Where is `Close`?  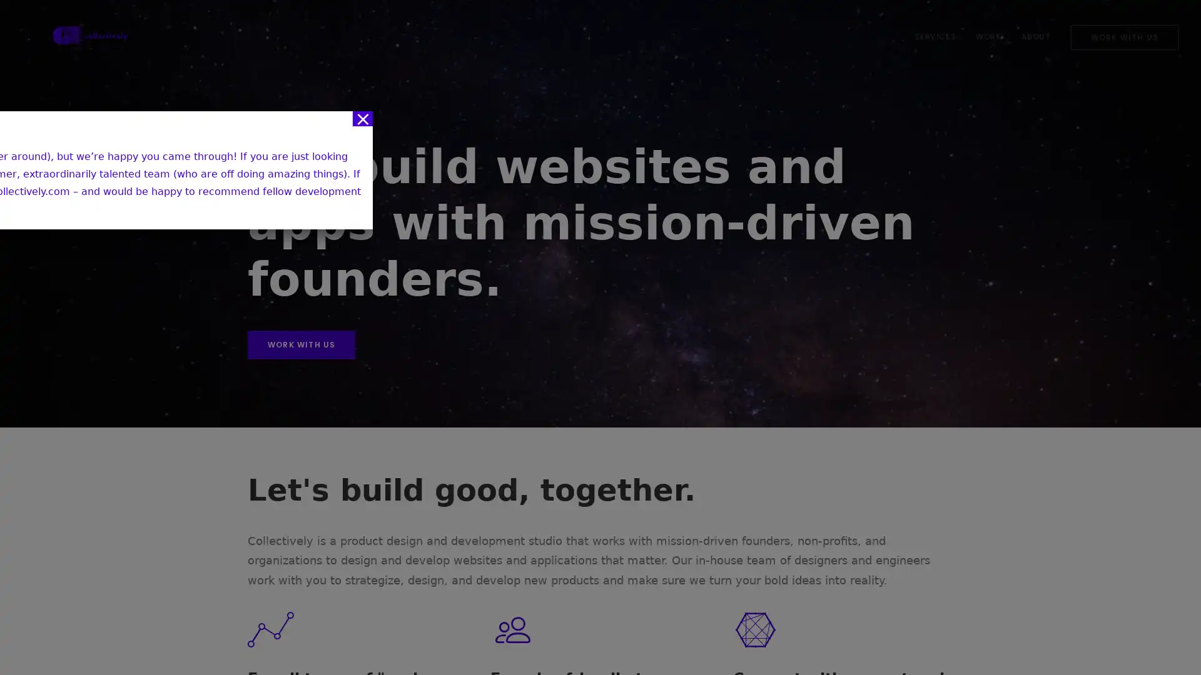
Close is located at coordinates (951, 286).